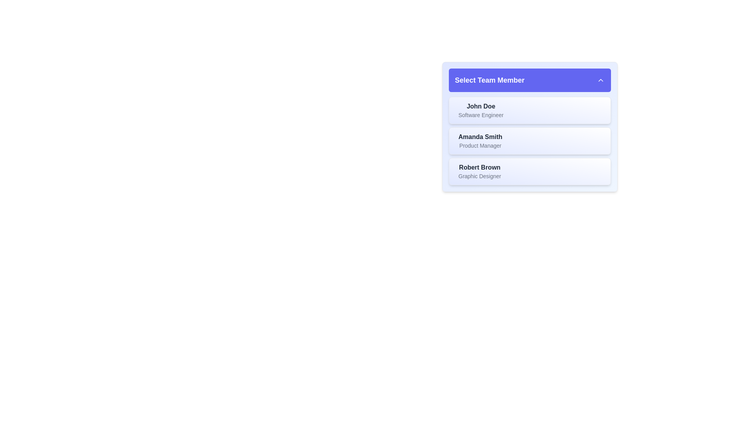 This screenshot has width=752, height=423. Describe the element at coordinates (481, 107) in the screenshot. I see `the first label in the 'Select Team Member' dropdown menu, which identifies the individual associated with the list item, located above the 'Software Engineer' subtitle` at that location.